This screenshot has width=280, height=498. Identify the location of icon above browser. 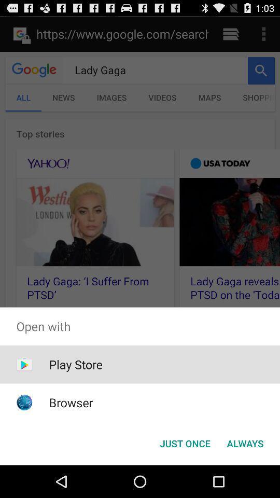
(75, 364).